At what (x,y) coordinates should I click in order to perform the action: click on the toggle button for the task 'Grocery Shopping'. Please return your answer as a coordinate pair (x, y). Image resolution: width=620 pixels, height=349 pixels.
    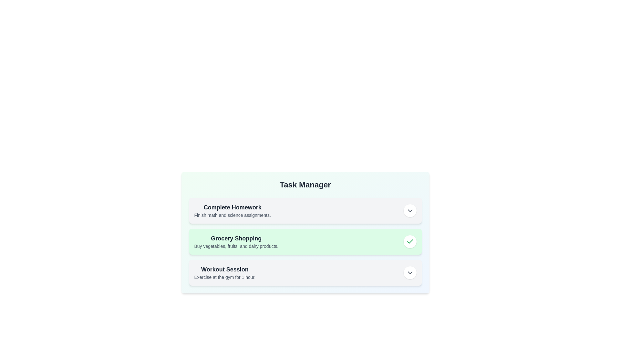
    Looking at the image, I should click on (409, 242).